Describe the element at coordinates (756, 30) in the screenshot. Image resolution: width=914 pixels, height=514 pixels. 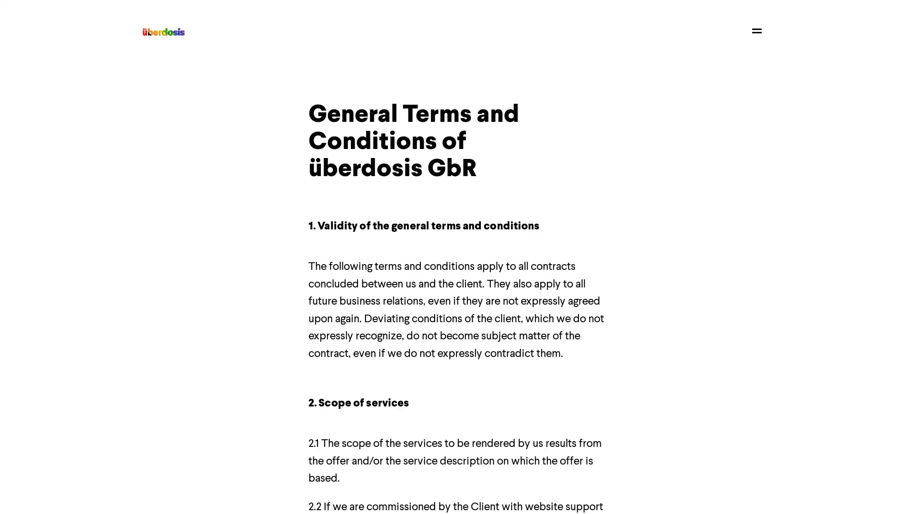
I see `Open menu` at that location.